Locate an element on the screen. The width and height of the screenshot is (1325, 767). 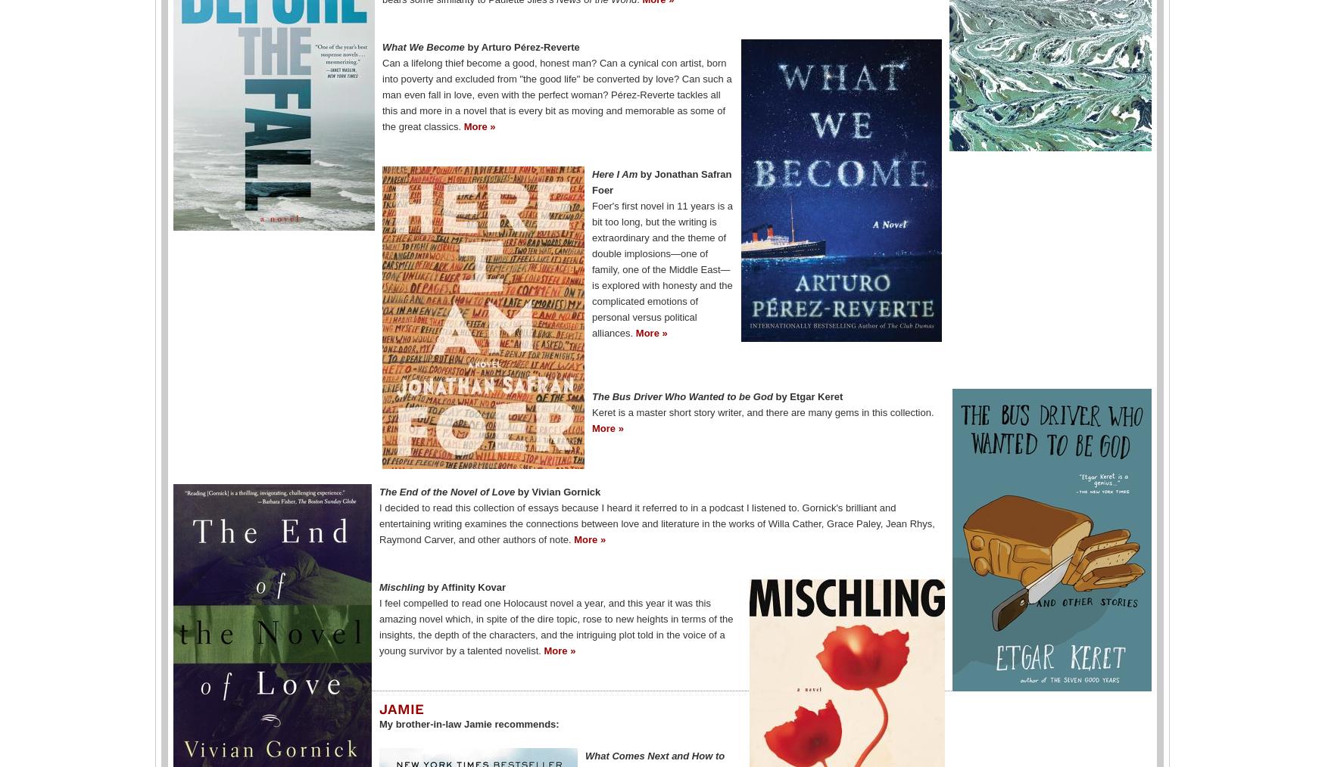
'The Bus Driver Who Wanted to be God' is located at coordinates (683, 395).